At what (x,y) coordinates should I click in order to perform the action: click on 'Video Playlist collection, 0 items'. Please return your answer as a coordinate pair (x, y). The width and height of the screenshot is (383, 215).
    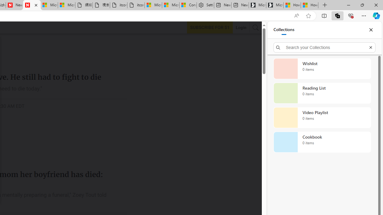
    Looking at the image, I should click on (322, 118).